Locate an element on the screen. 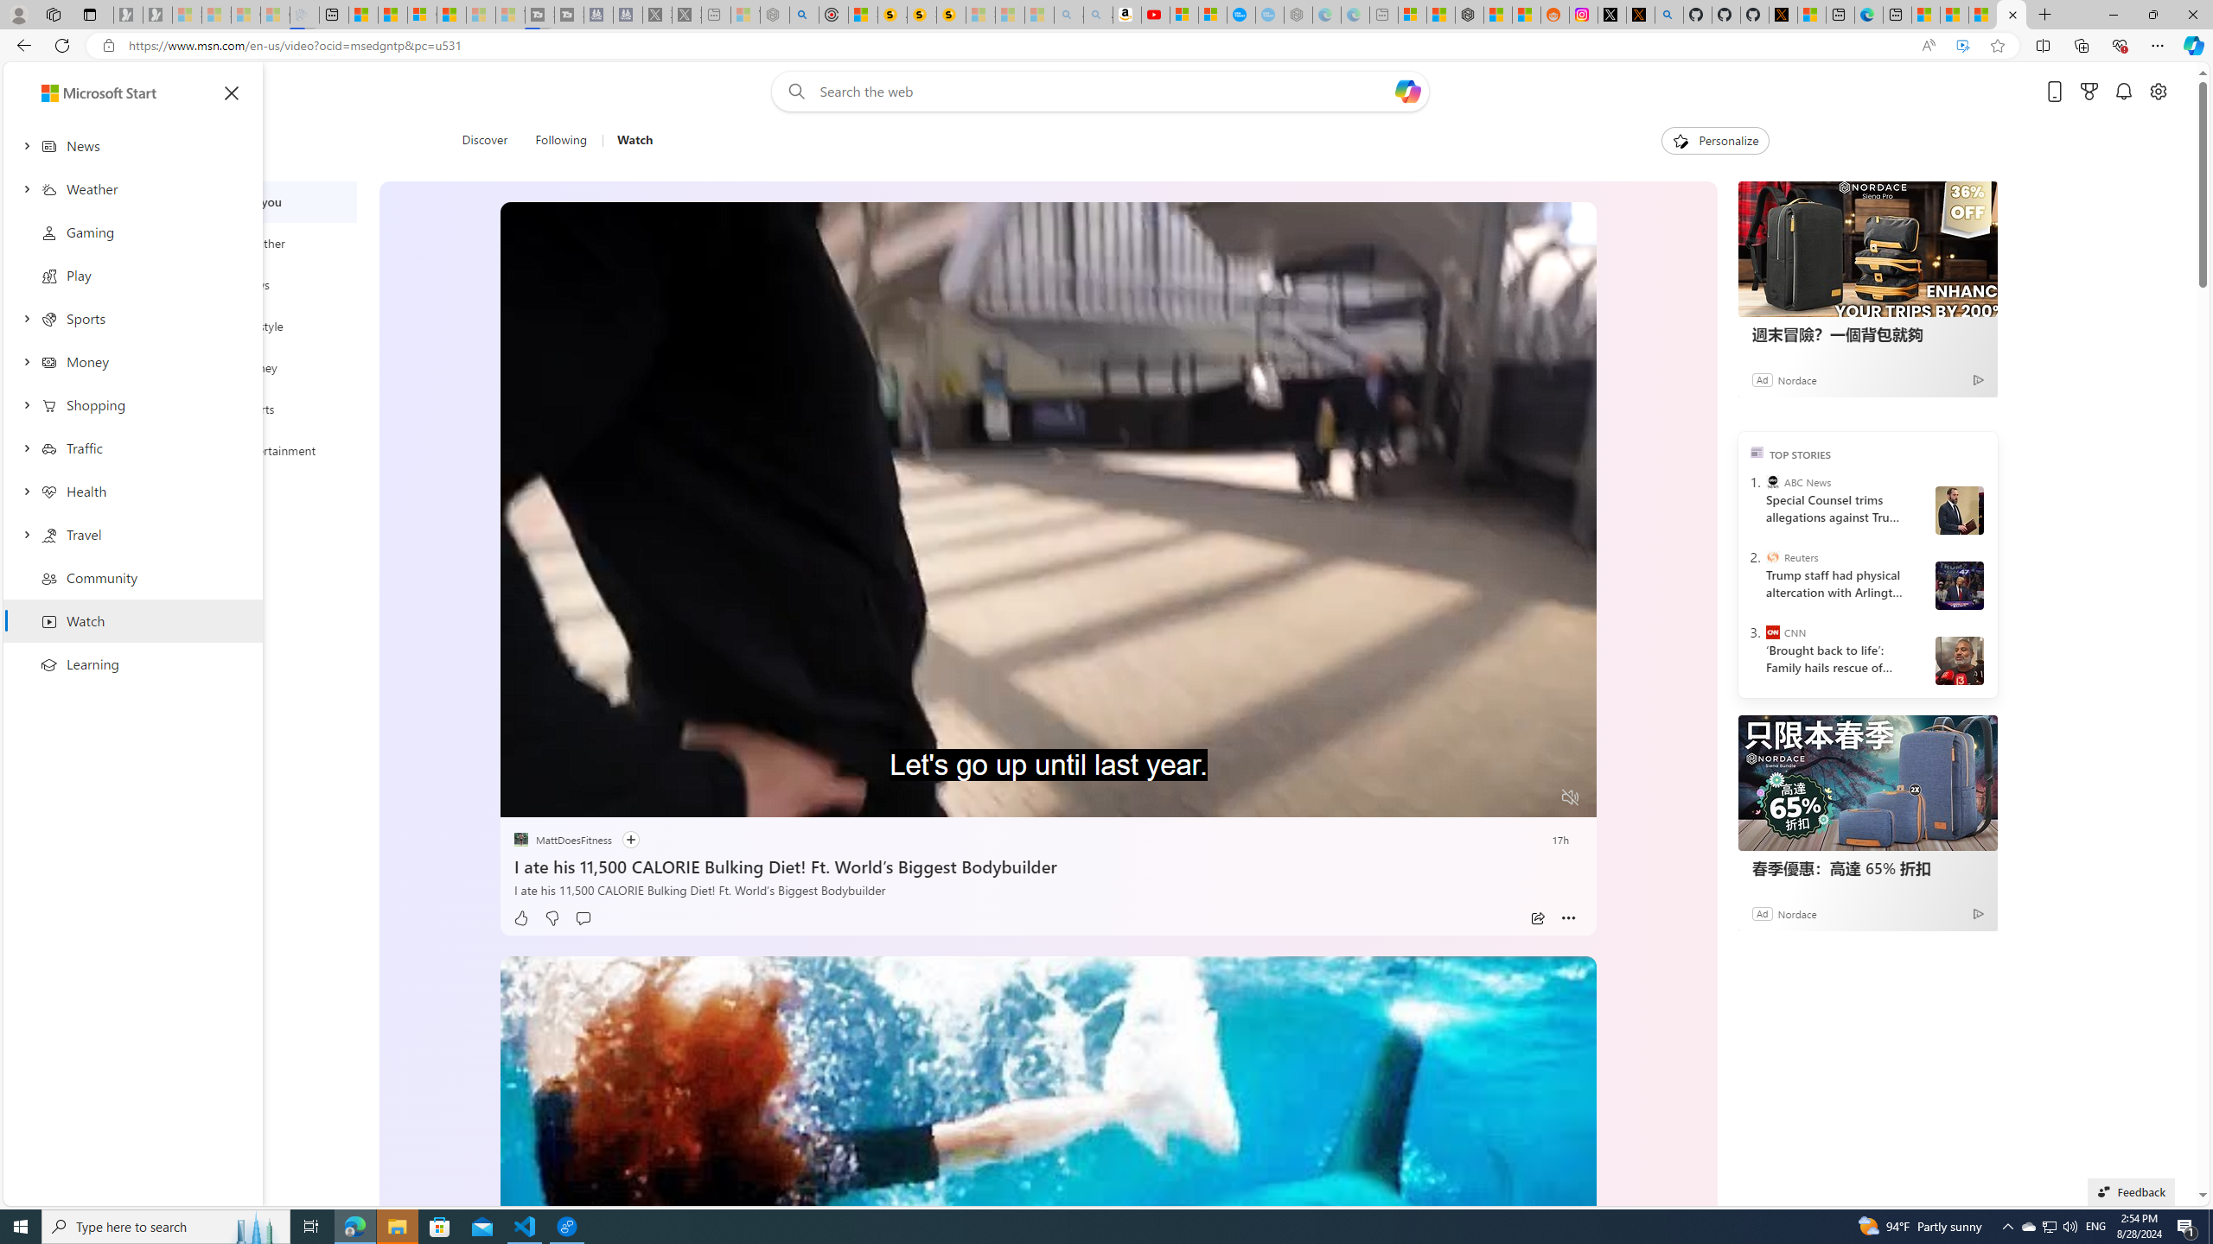 This screenshot has width=2213, height=1244. 'CNN' is located at coordinates (1772, 632).